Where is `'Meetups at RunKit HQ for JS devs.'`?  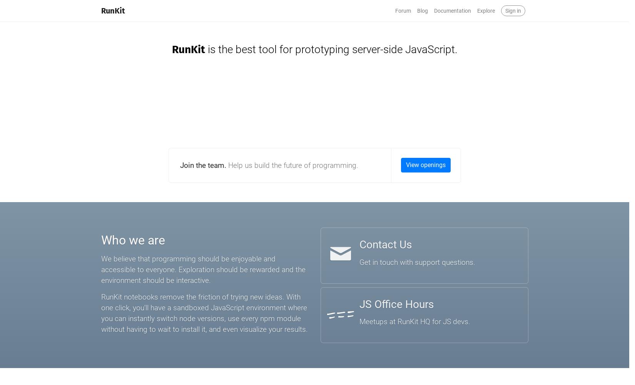 'Meetups at RunKit HQ for JS devs.' is located at coordinates (359, 321).